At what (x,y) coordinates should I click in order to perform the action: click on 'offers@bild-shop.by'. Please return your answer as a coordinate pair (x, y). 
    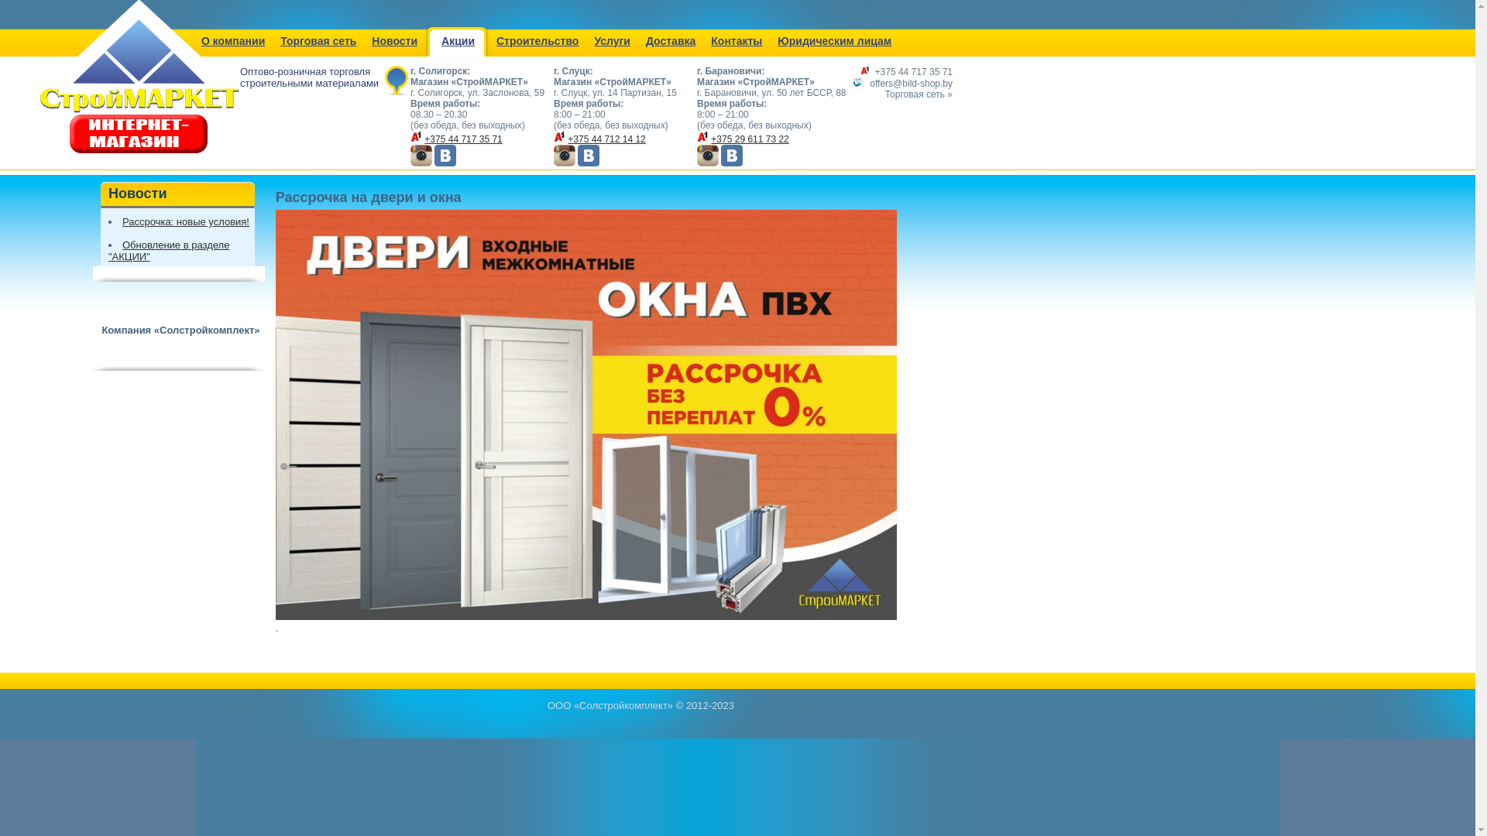
    Looking at the image, I should click on (911, 84).